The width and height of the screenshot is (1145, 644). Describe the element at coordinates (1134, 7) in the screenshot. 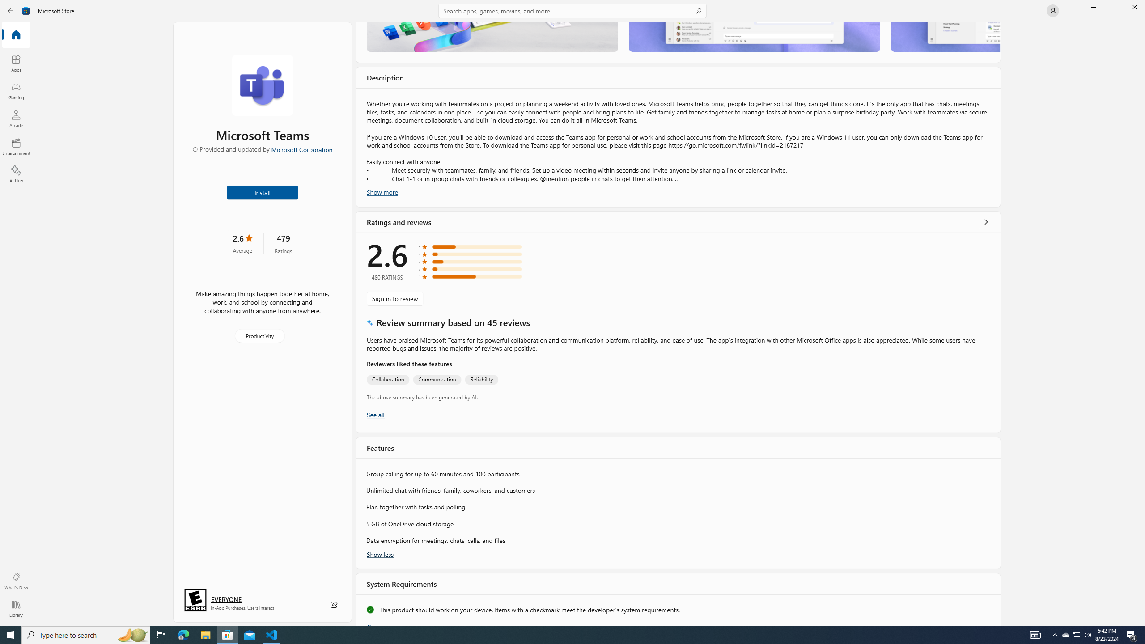

I see `'Close Microsoft Store'` at that location.